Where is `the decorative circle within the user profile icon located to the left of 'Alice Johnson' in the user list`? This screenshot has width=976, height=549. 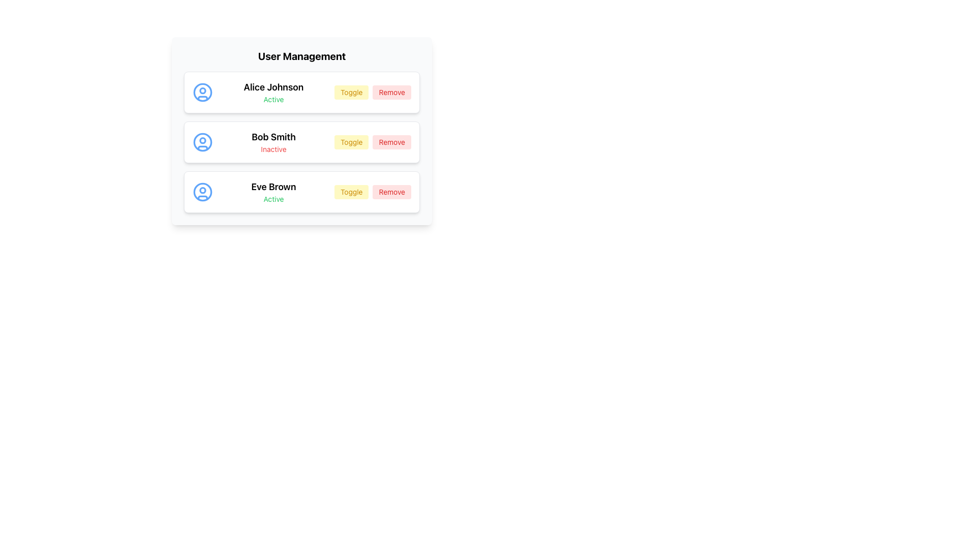 the decorative circle within the user profile icon located to the left of 'Alice Johnson' in the user list is located at coordinates (202, 89).